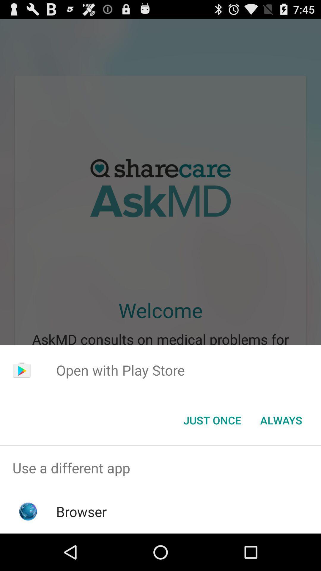 This screenshot has width=321, height=571. Describe the element at coordinates (281, 420) in the screenshot. I see `button to the right of the just once item` at that location.